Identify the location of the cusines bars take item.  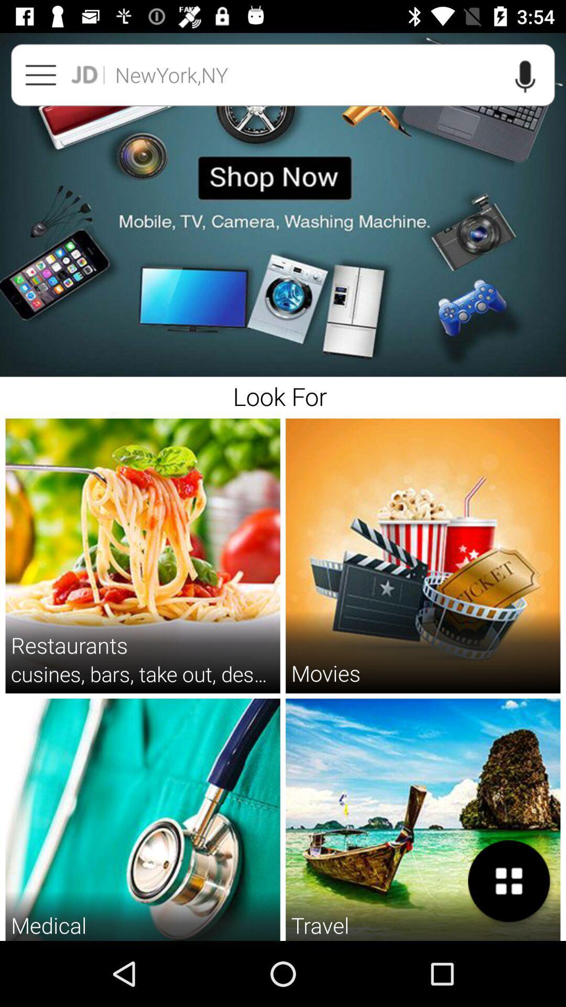
(143, 674).